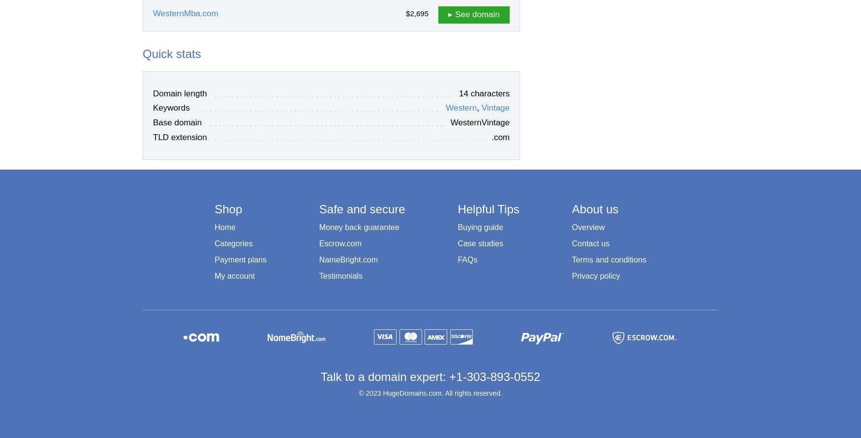 The image size is (861, 438). I want to click on 'TLD extension', so click(152, 136).